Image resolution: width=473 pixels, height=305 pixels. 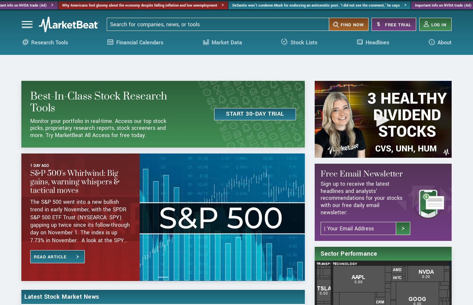 What do you see at coordinates (365, 48) in the screenshot?
I see `'Headlines'` at bounding box center [365, 48].